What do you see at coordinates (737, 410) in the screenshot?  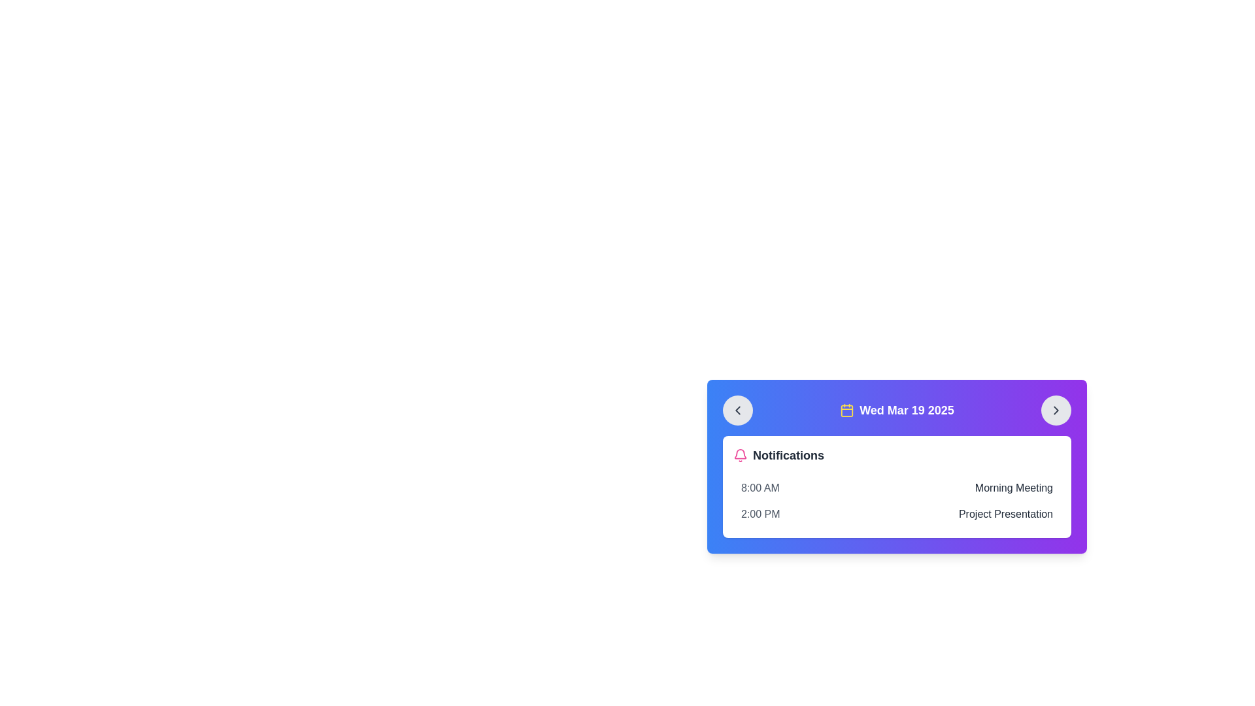 I see `the left-pointing arrow icon located in the top-right corner of the card interface` at bounding box center [737, 410].